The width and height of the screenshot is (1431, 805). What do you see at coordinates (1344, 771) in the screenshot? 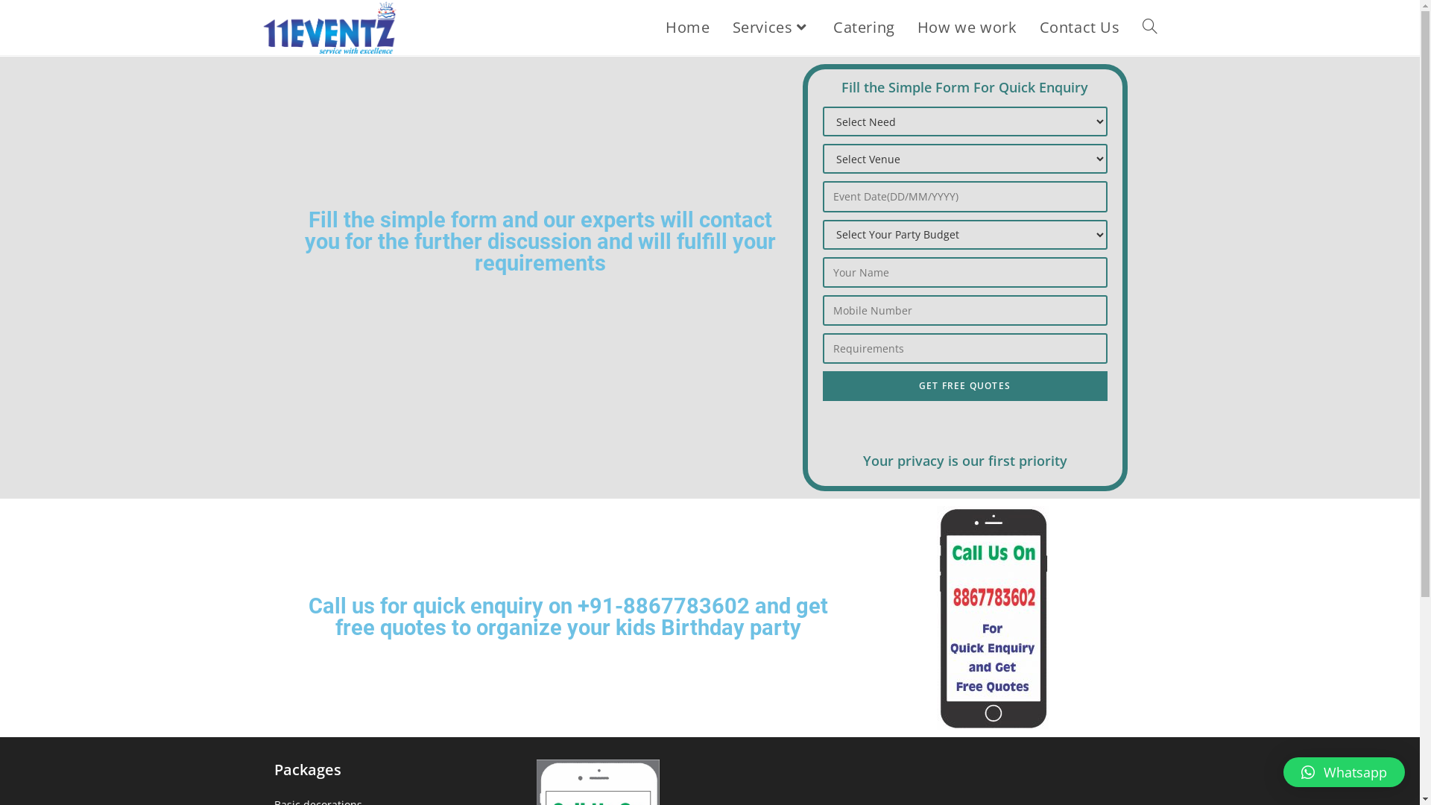
I see `'Whatsapp'` at bounding box center [1344, 771].